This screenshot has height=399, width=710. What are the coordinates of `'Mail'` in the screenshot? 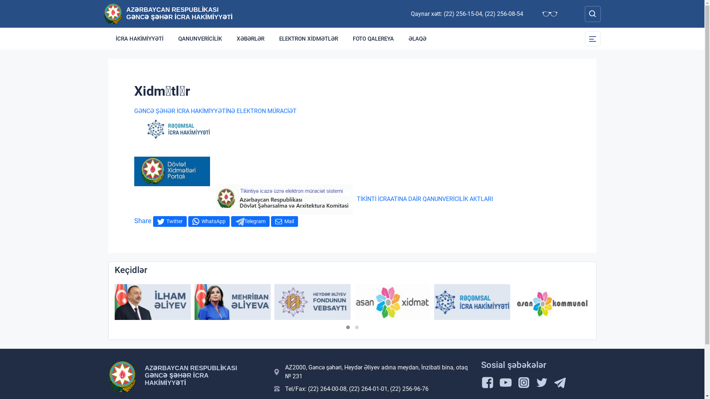 It's located at (270, 221).